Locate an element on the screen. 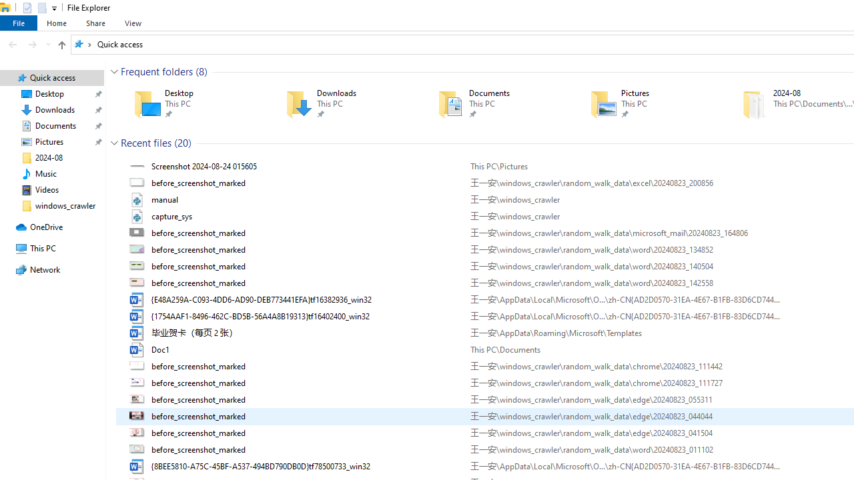  'Quick Access Toolbar' is located at coordinates (34, 7).